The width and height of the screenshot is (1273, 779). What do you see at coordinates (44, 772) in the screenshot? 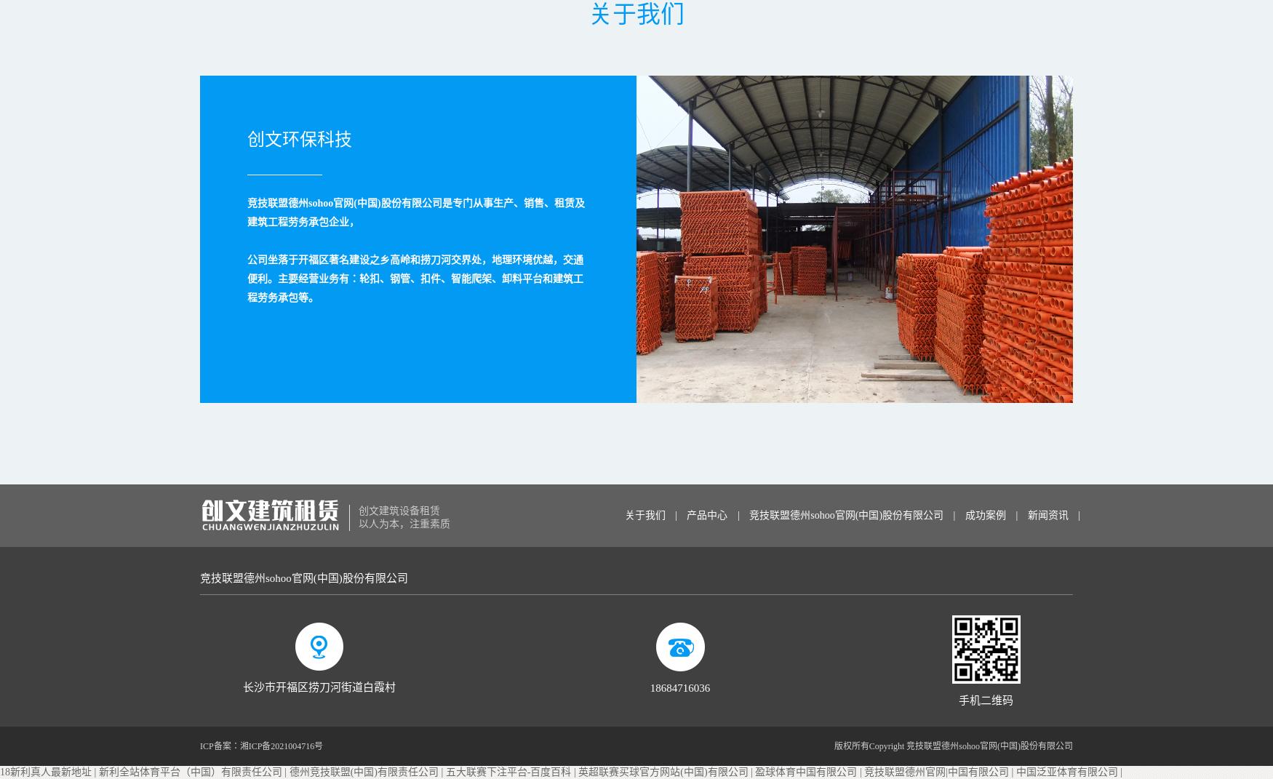
I see `'18新利真人最新地址'` at bounding box center [44, 772].